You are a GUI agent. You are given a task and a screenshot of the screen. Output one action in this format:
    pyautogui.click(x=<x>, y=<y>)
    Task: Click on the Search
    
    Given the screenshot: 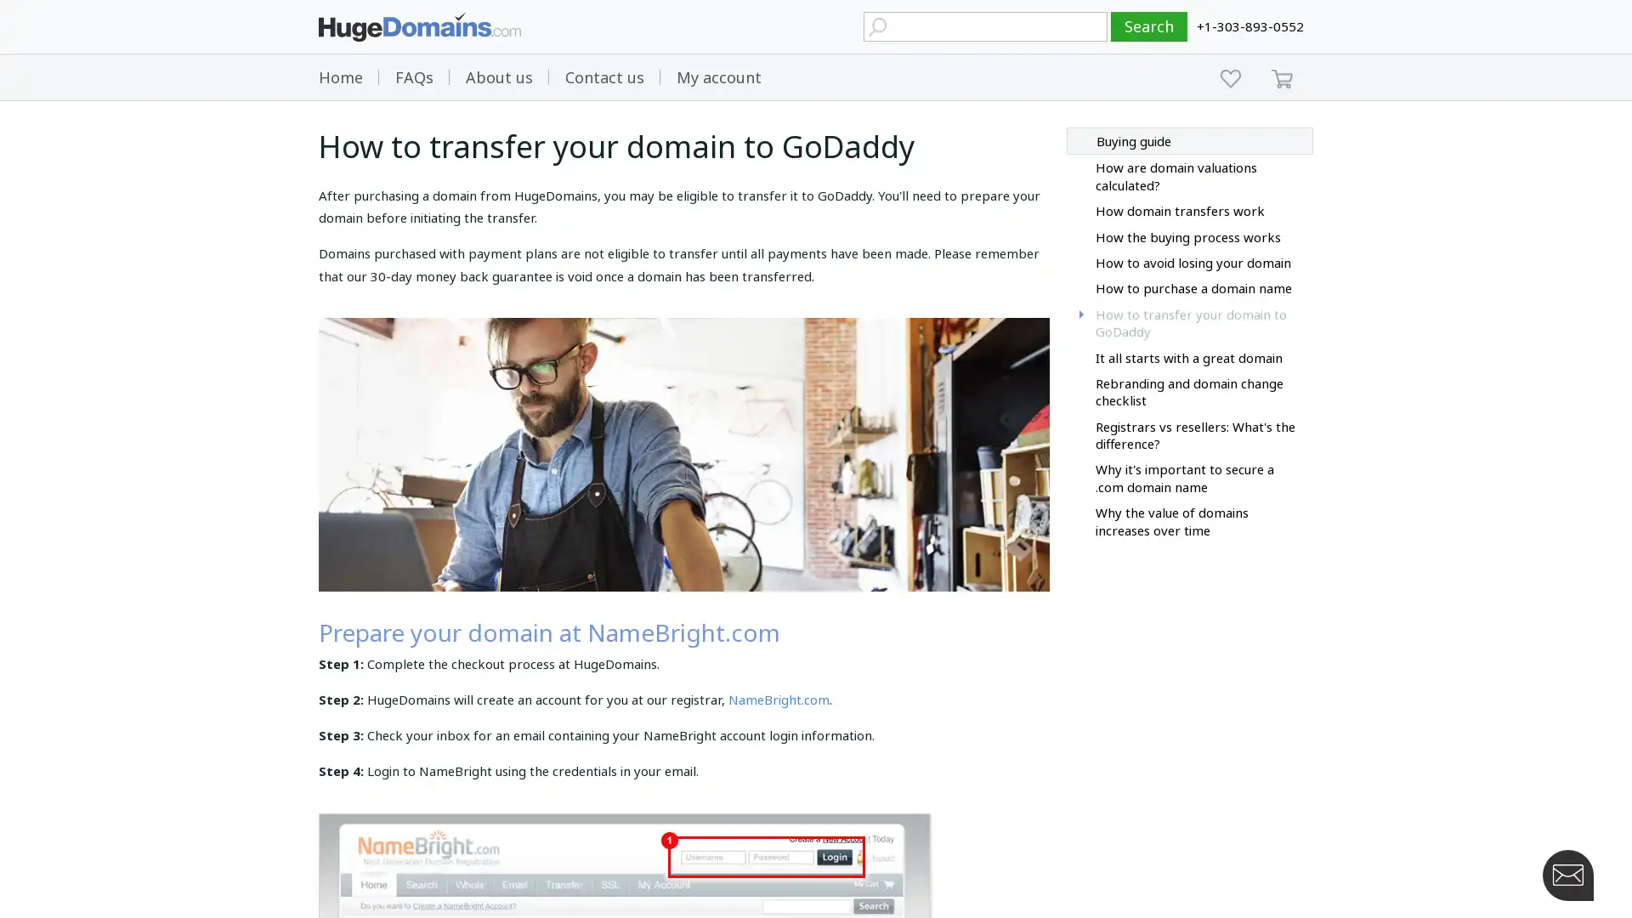 What is the action you would take?
    pyautogui.click(x=1149, y=26)
    